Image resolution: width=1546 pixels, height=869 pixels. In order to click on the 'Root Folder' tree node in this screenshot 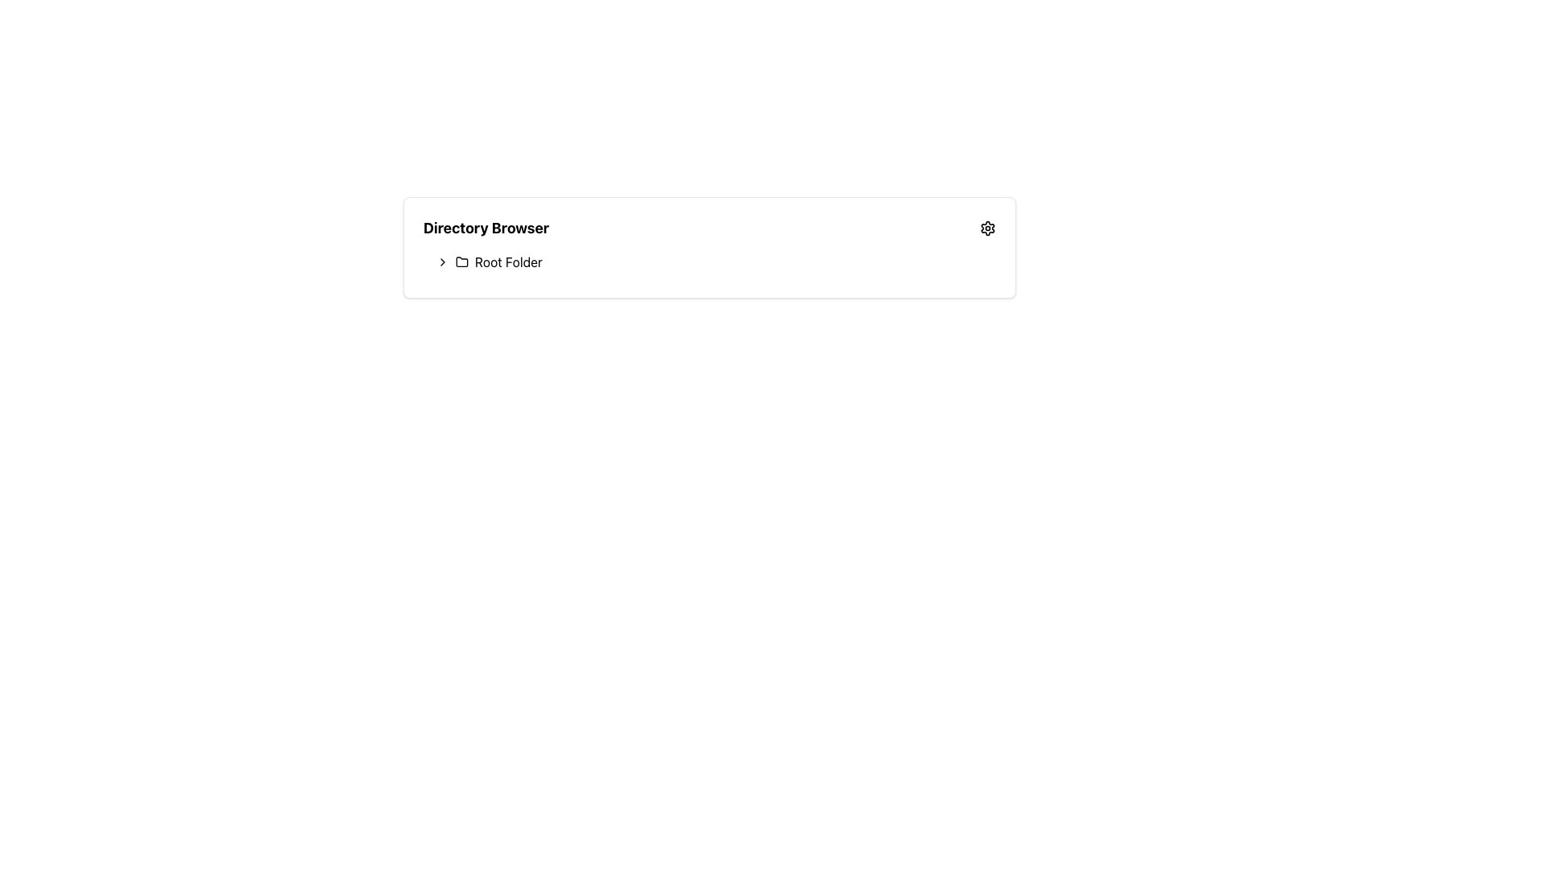, I will do `click(715, 262)`.